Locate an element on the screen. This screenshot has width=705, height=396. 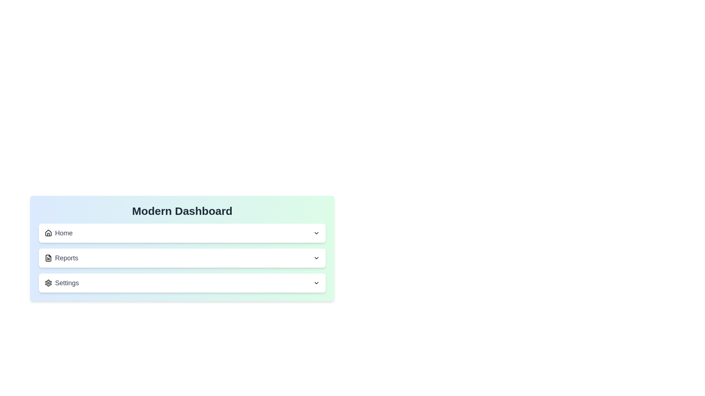
the 'Reports' navigation menu item, which is a rectangular component with a white background and rounded corners, located below 'Home' and above 'Settings' is located at coordinates (182, 258).